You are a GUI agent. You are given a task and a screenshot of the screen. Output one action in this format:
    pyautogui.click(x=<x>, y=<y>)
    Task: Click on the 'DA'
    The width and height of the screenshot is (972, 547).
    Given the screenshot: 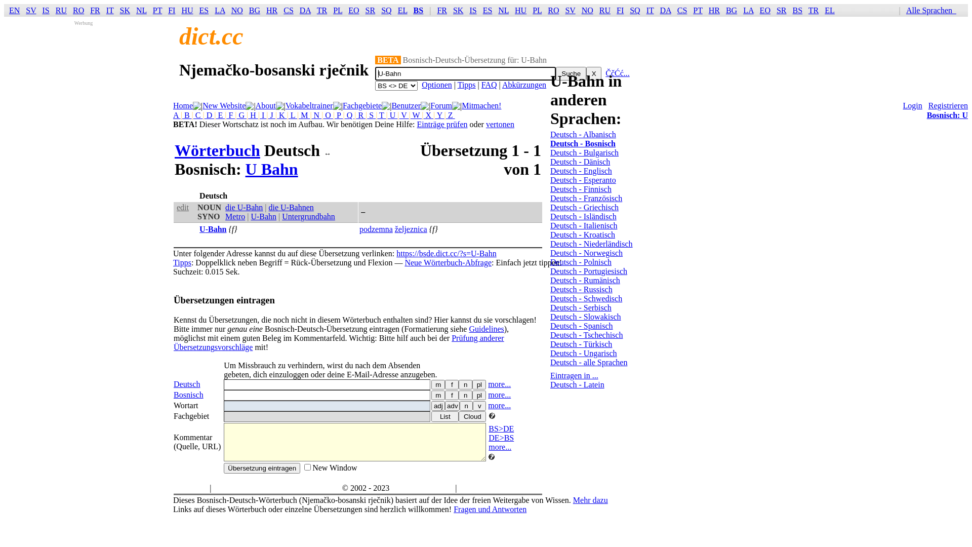 What is the action you would take?
    pyautogui.click(x=305, y=10)
    